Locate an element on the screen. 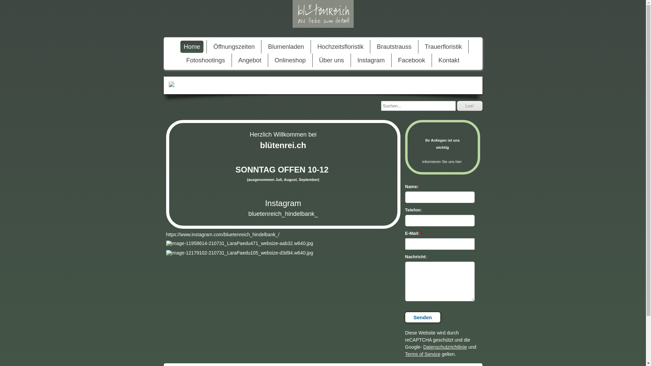  'Brautstrauss' is located at coordinates (394, 46).